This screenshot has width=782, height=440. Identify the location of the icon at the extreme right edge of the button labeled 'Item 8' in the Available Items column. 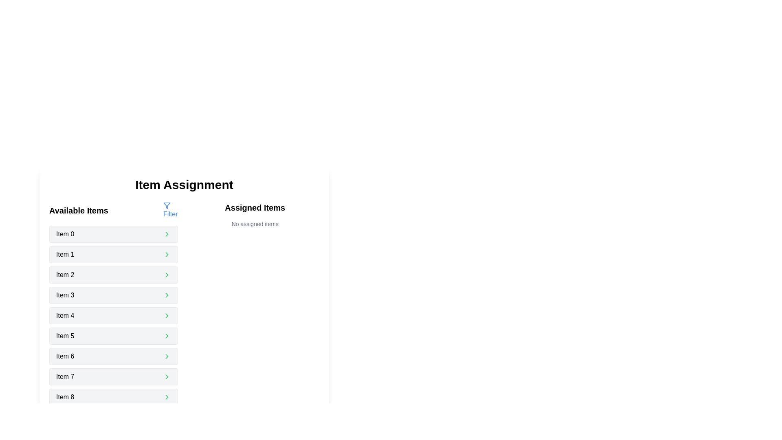
(166, 397).